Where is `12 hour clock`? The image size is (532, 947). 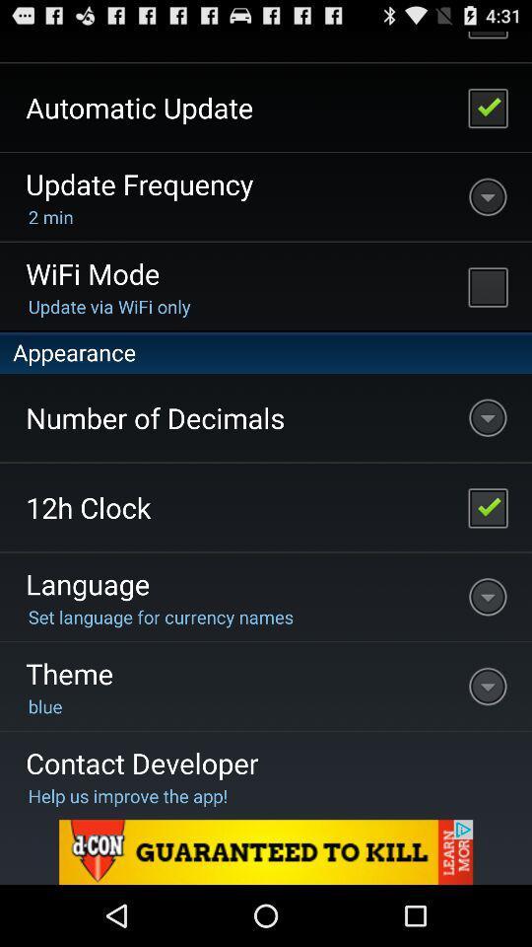
12 hour clock is located at coordinates (487, 506).